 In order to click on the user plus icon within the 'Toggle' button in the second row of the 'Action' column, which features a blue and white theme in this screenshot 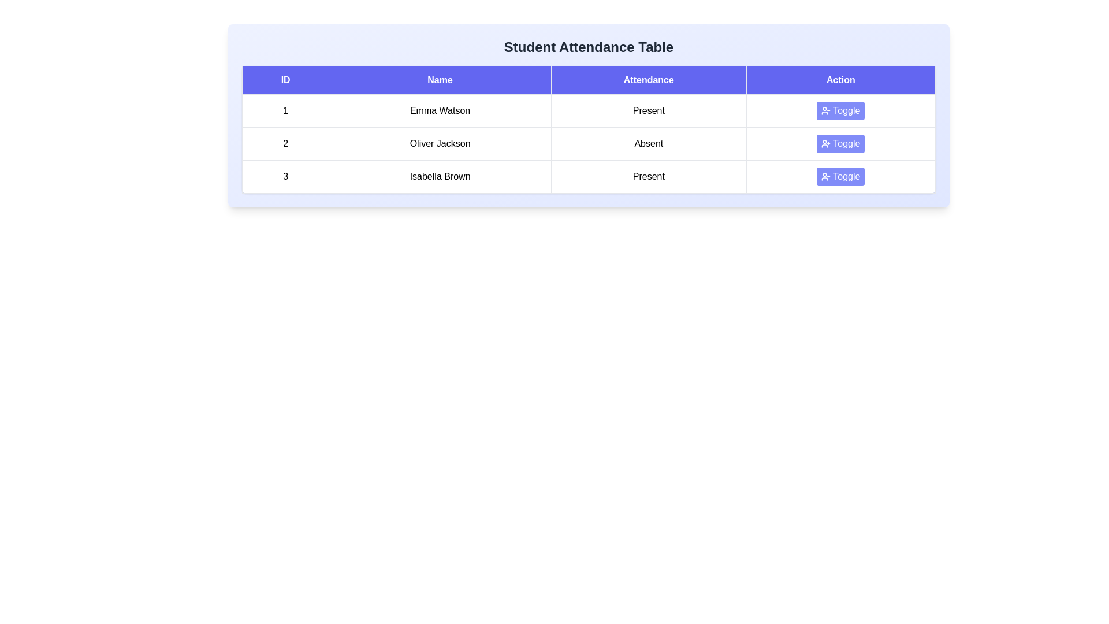, I will do `click(825, 143)`.